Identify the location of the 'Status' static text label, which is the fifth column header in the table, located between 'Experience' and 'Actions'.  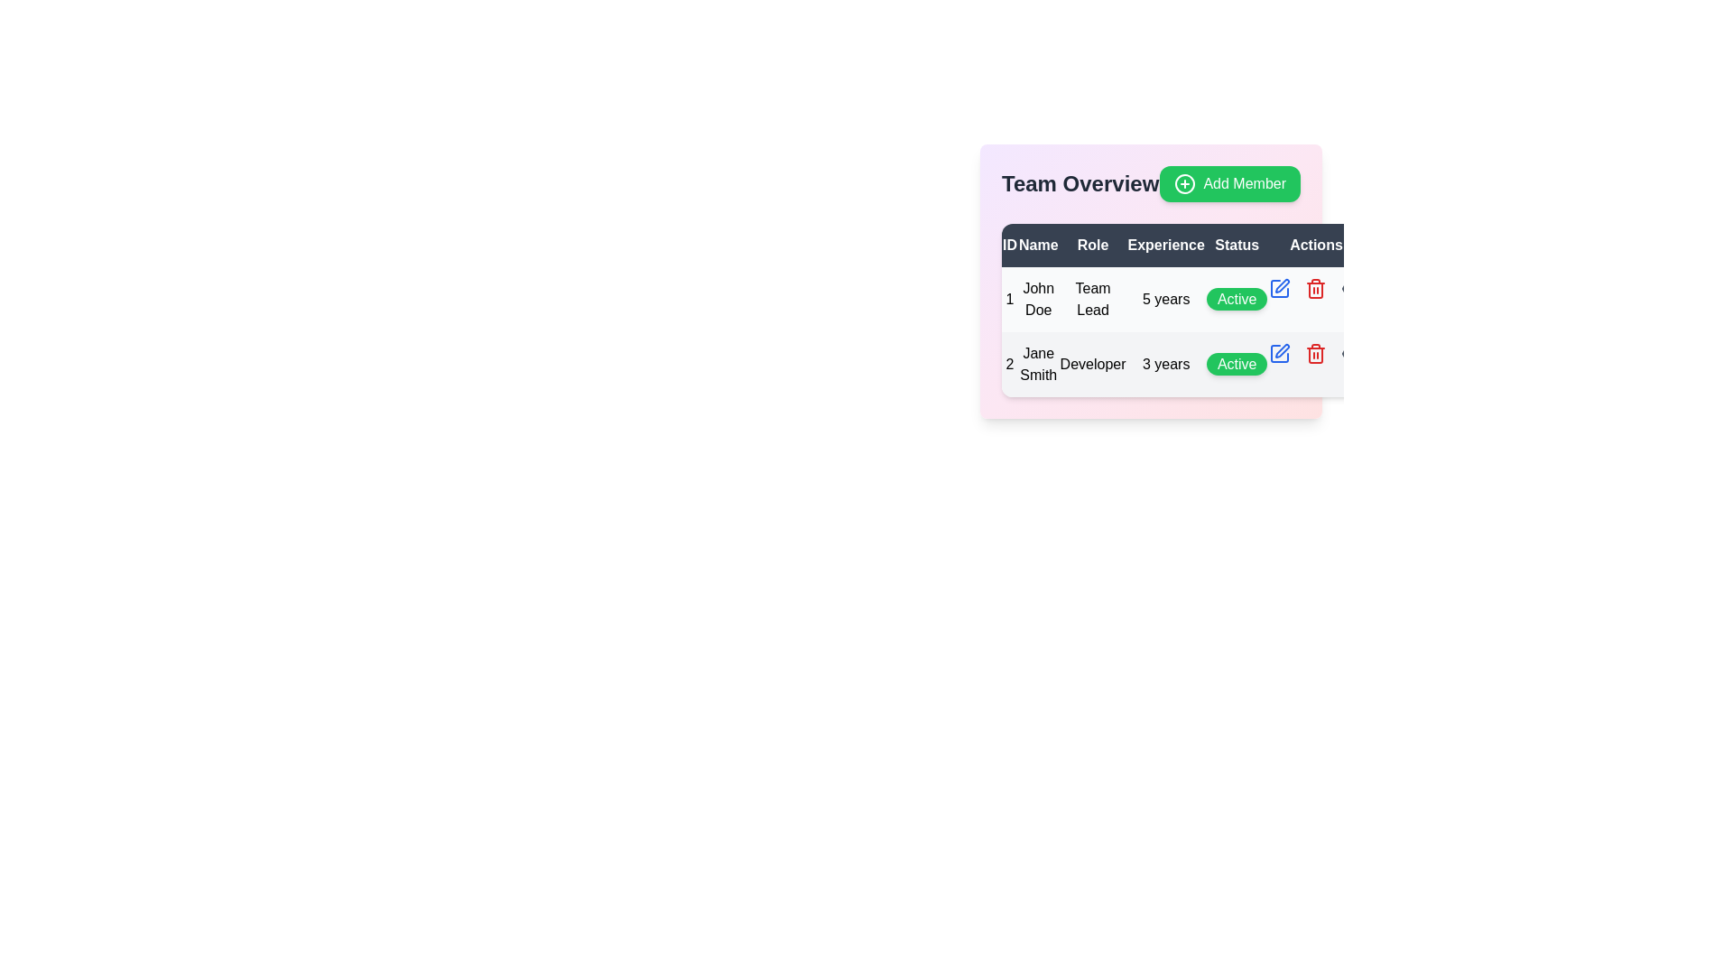
(1236, 246).